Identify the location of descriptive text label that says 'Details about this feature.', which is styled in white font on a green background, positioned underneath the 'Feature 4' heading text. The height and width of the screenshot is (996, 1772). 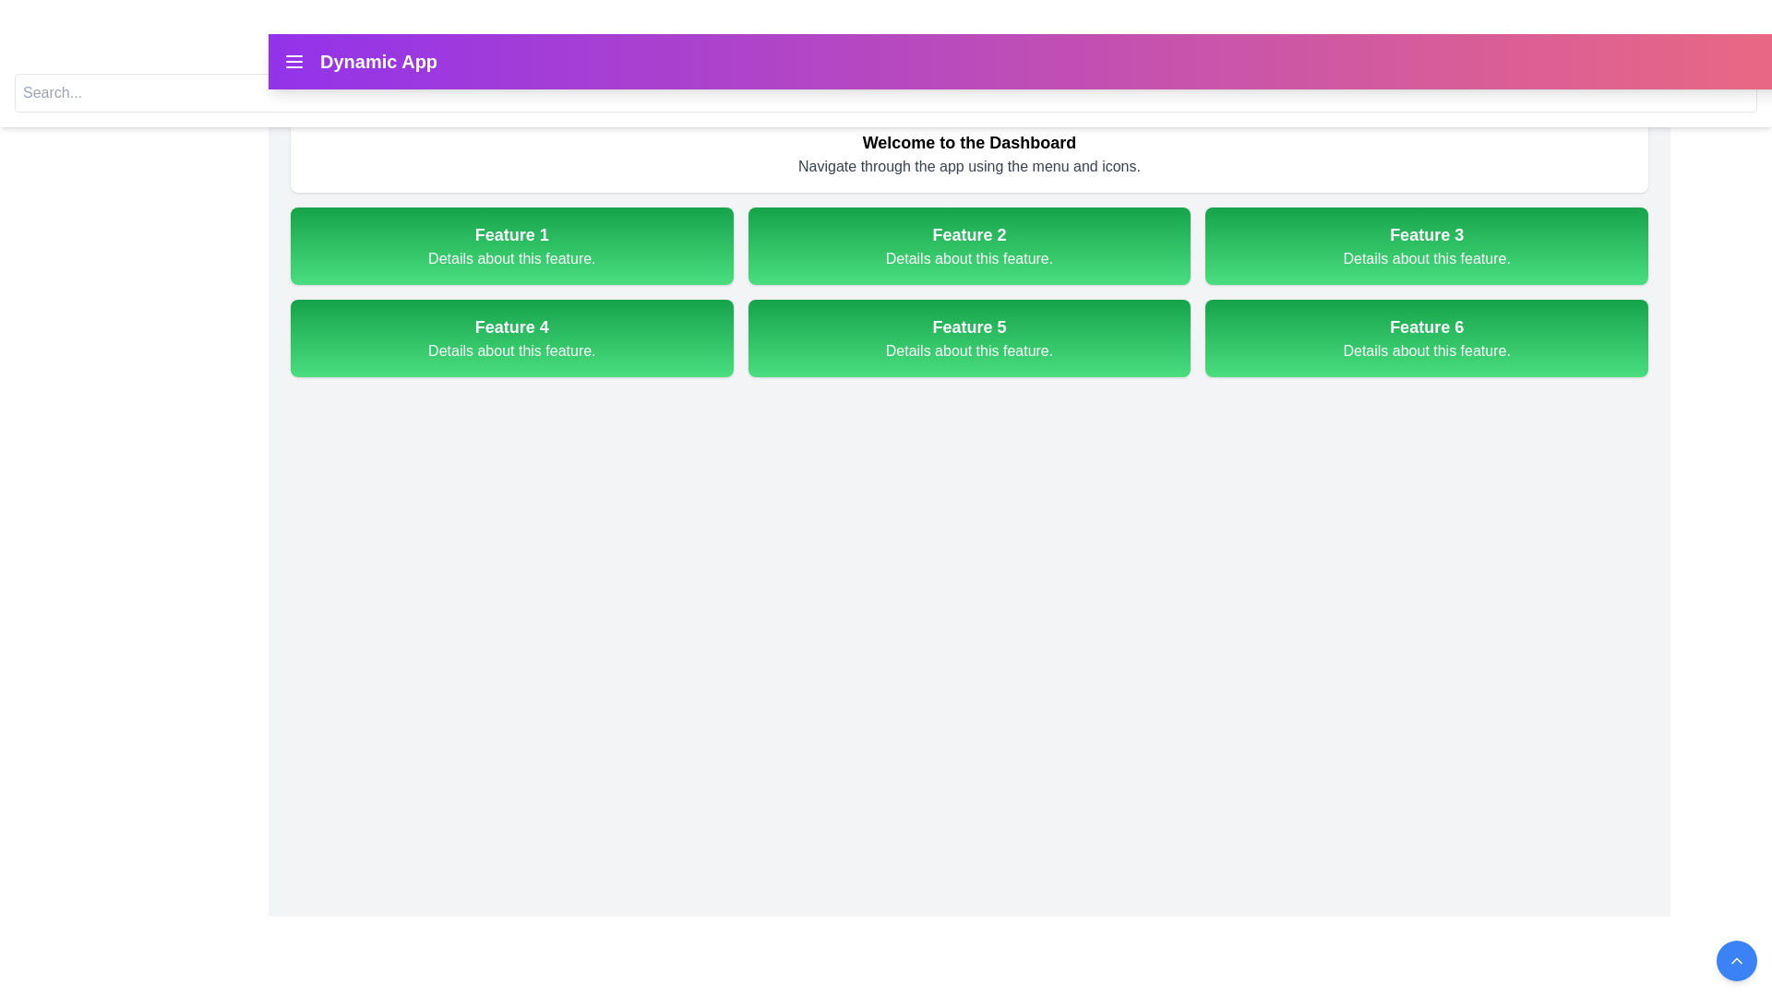
(511, 351).